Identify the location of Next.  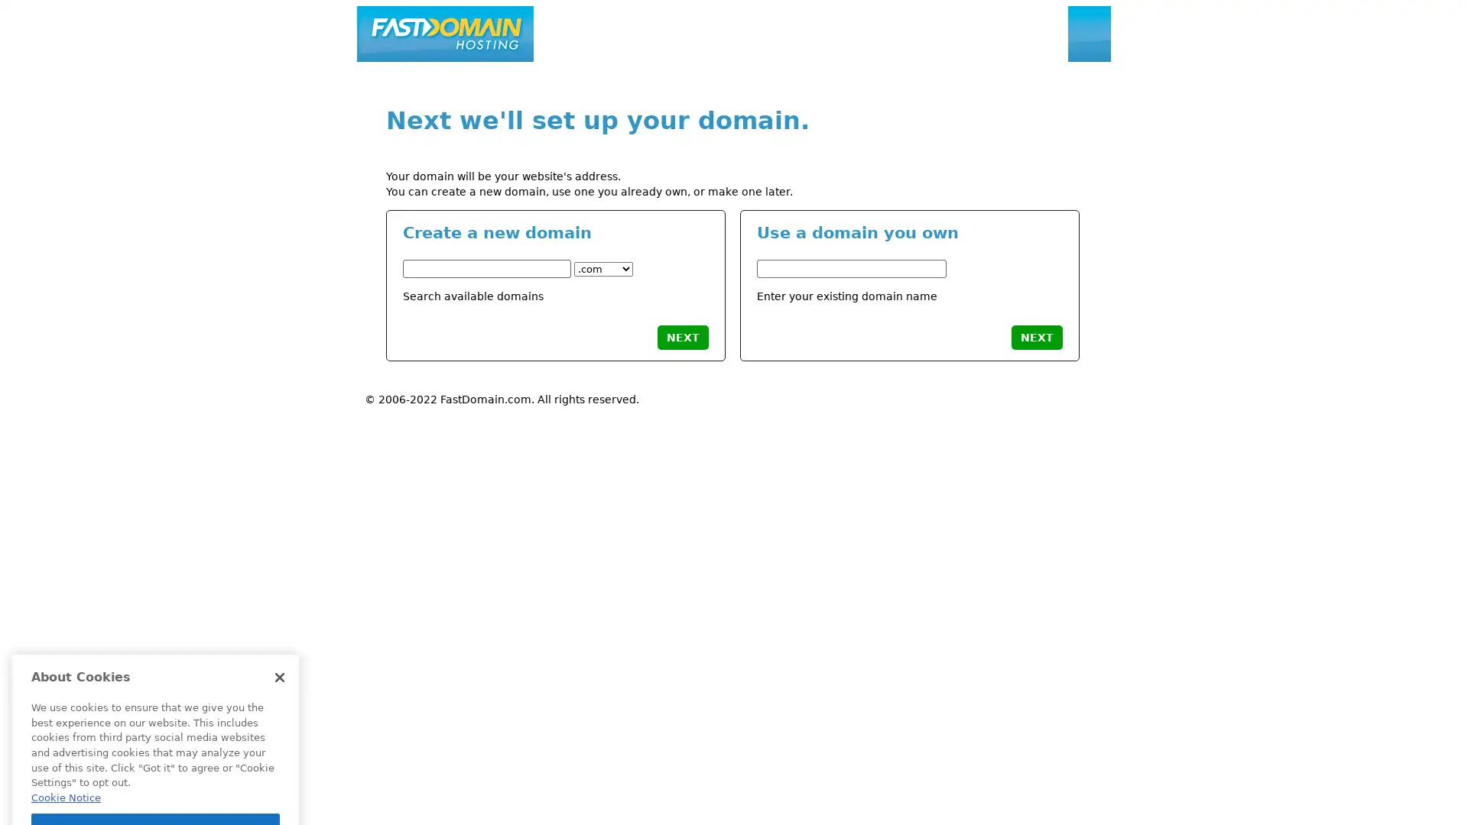
(682, 335).